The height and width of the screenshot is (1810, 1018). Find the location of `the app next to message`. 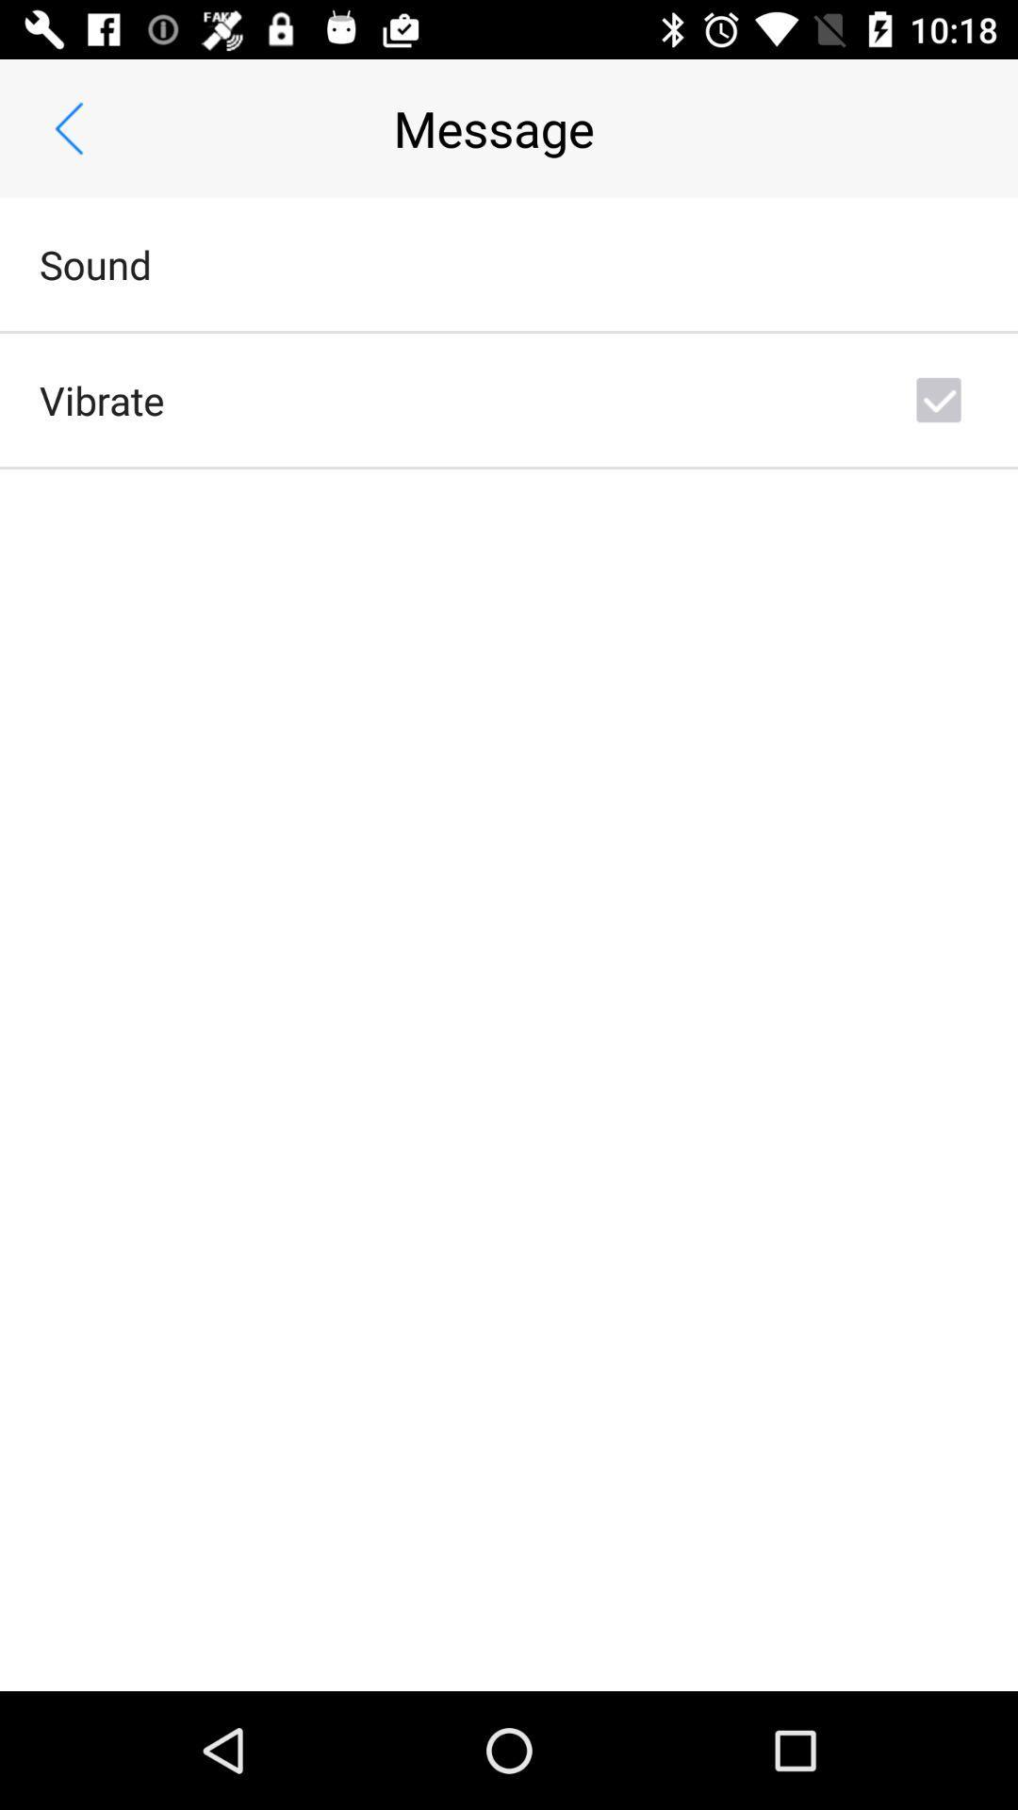

the app next to message is located at coordinates (68, 127).